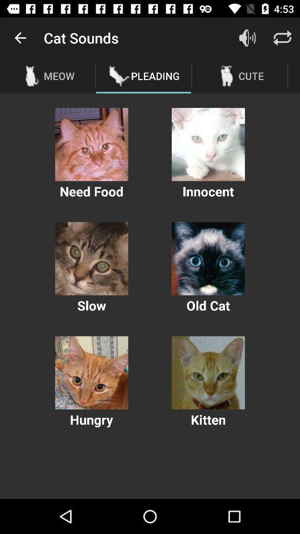 The image size is (300, 534). What do you see at coordinates (208, 373) in the screenshot?
I see `hear a kitten sound` at bounding box center [208, 373].